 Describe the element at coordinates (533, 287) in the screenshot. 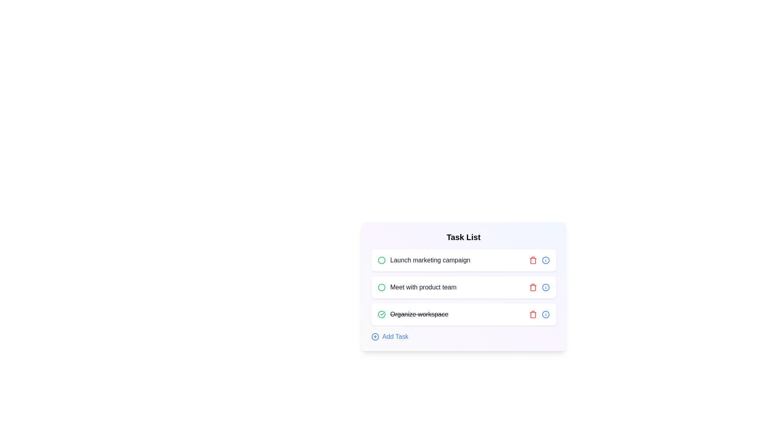

I see `the delete button of the task 'Meet with product team'` at that location.